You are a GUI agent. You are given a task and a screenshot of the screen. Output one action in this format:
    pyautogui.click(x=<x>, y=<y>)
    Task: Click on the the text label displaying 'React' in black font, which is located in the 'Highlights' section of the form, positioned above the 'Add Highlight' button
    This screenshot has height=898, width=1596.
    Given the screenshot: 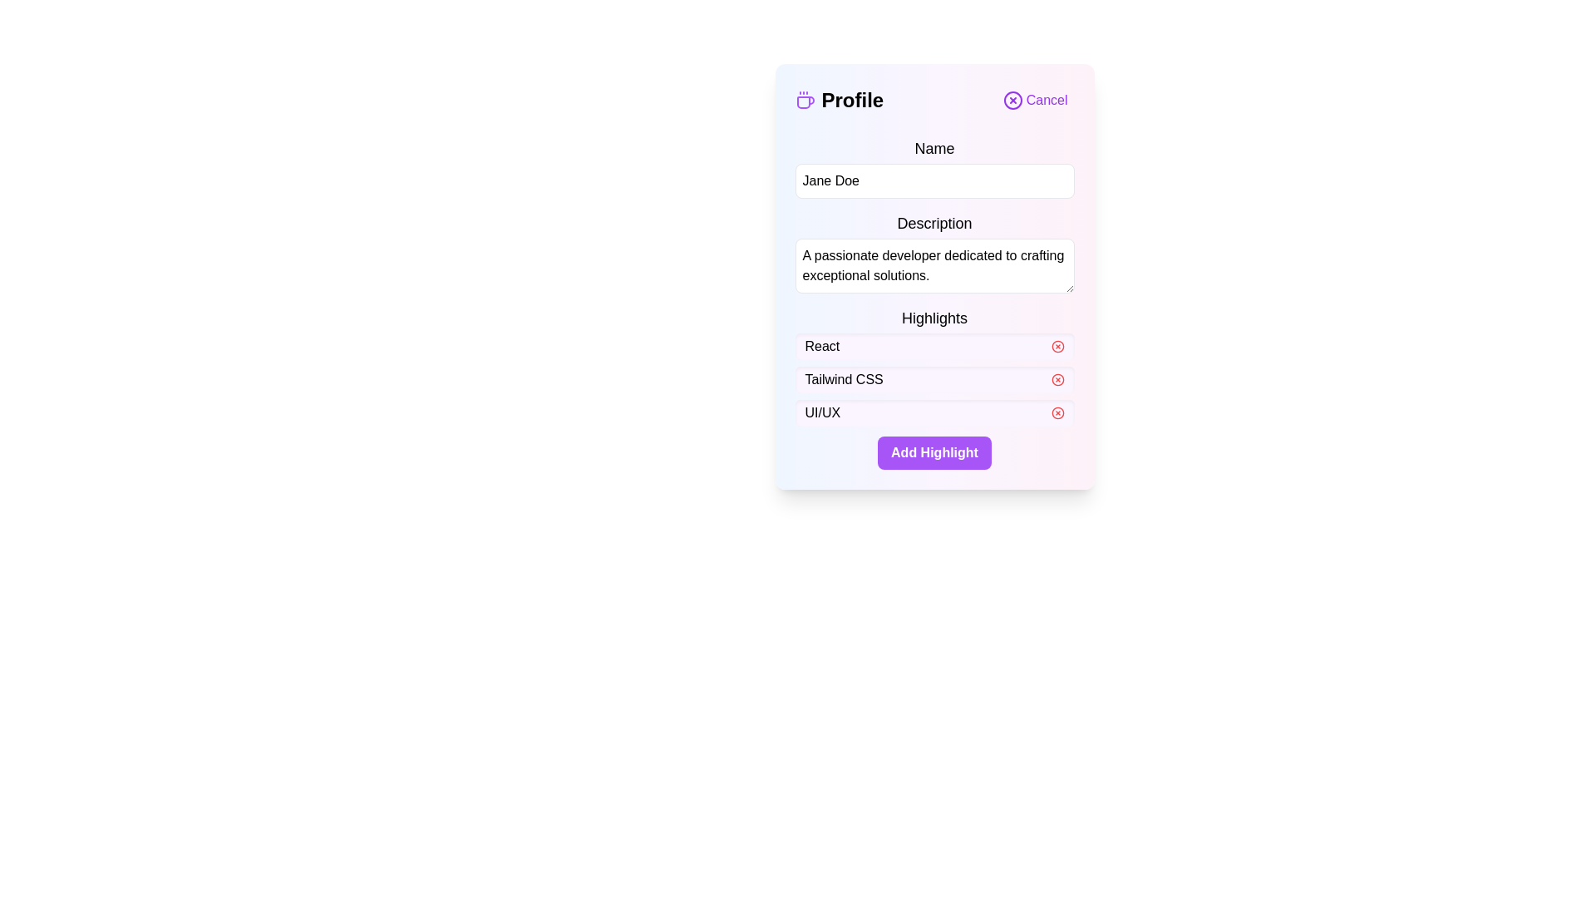 What is the action you would take?
    pyautogui.click(x=822, y=345)
    